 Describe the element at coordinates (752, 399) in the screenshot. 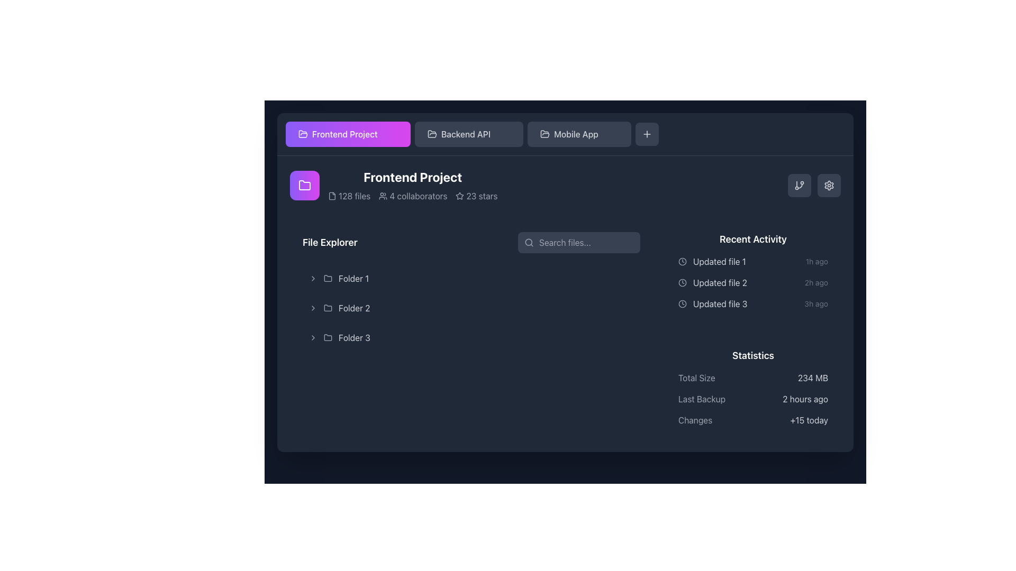

I see `the information presented in the middle row of the Text block with statistical labels and data, specifically the 'Last Backup' row located in the Statistics section` at that location.